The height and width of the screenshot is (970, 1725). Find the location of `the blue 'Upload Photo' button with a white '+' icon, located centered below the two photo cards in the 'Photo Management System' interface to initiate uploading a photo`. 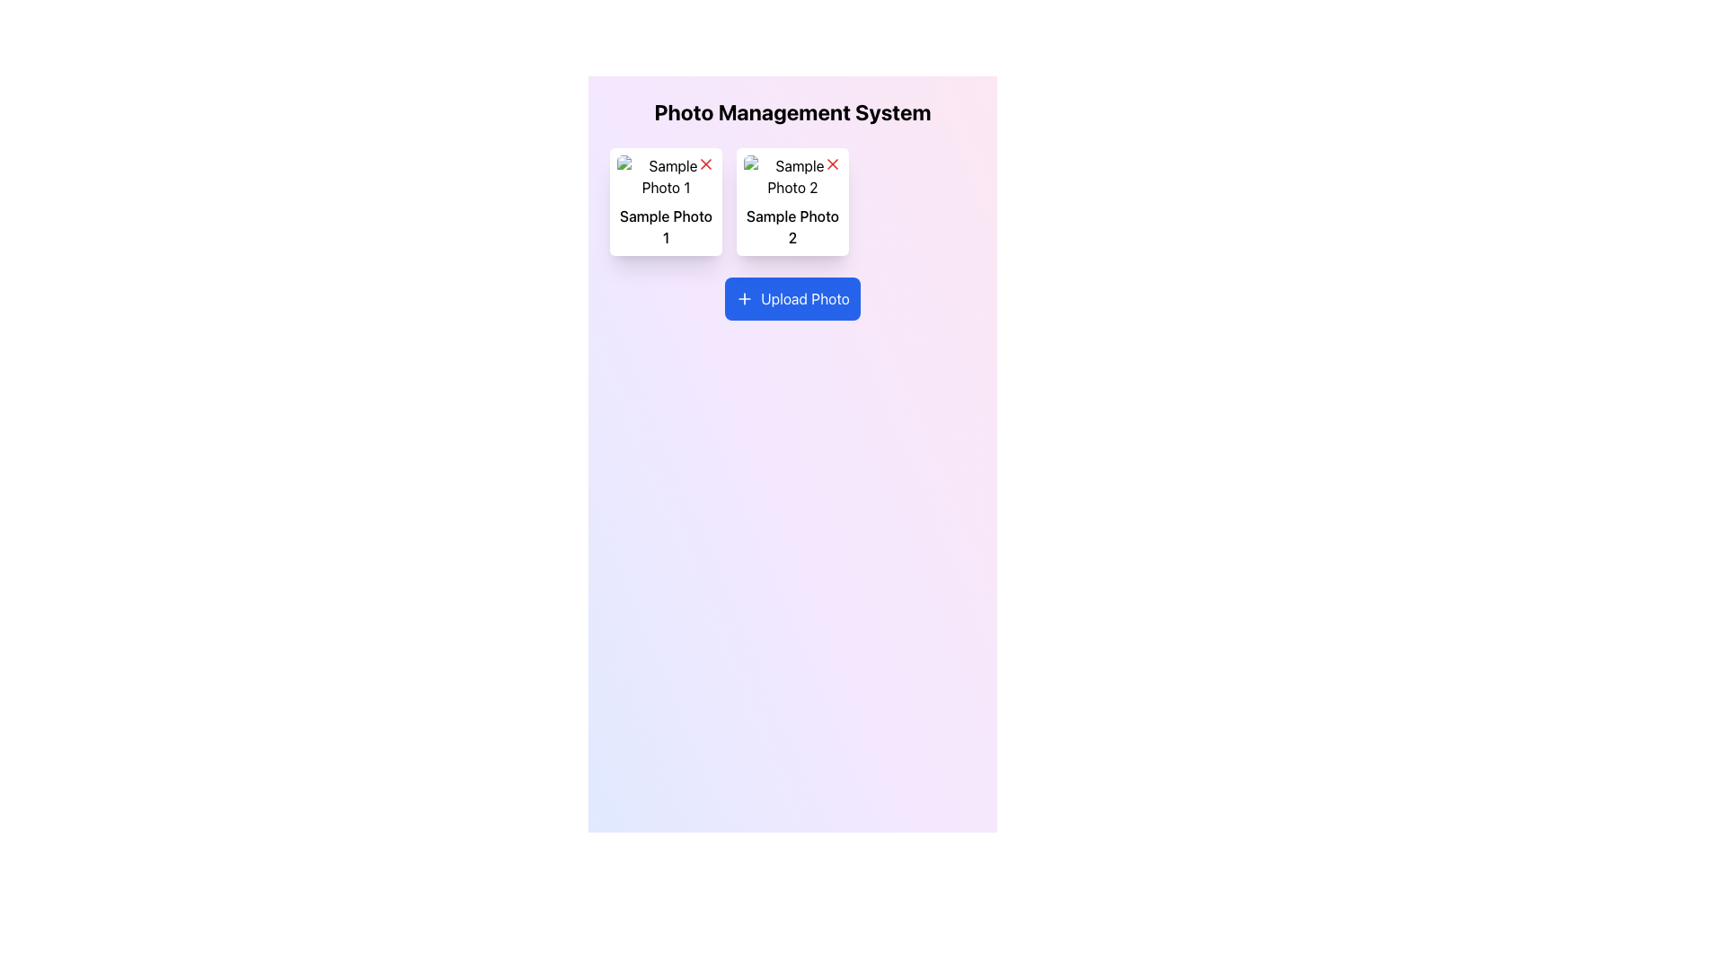

the blue 'Upload Photo' button with a white '+' icon, located centered below the two photo cards in the 'Photo Management System' interface to initiate uploading a photo is located at coordinates (792, 297).